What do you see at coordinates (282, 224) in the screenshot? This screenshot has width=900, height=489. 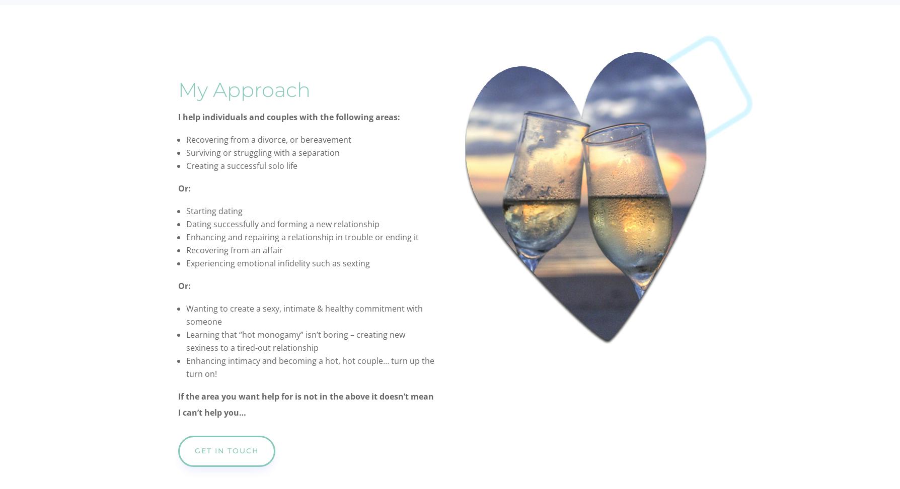 I see `'Dating successfully and forming a new relationship'` at bounding box center [282, 224].